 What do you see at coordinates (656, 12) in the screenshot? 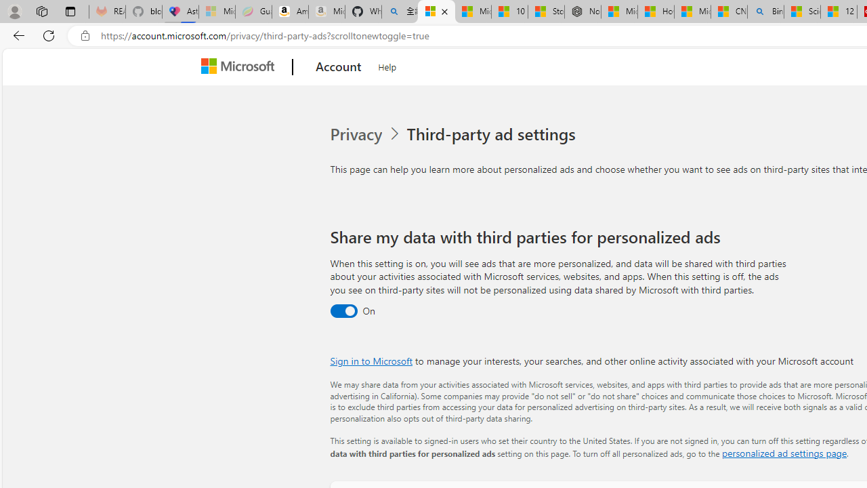
I see `'How I Got Rid of Microsoft Edge'` at bounding box center [656, 12].